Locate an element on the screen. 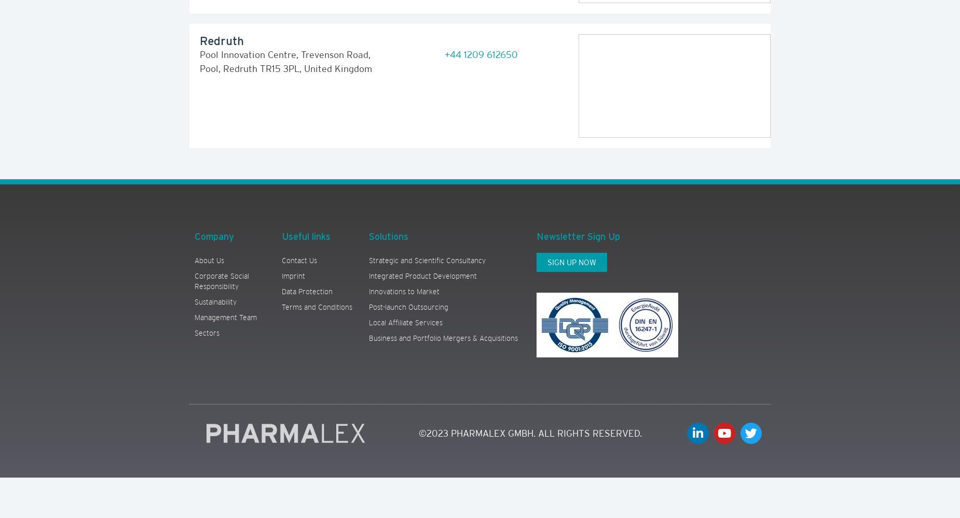 The width and height of the screenshot is (960, 518). '+44 1209 612650' is located at coordinates (480, 54).